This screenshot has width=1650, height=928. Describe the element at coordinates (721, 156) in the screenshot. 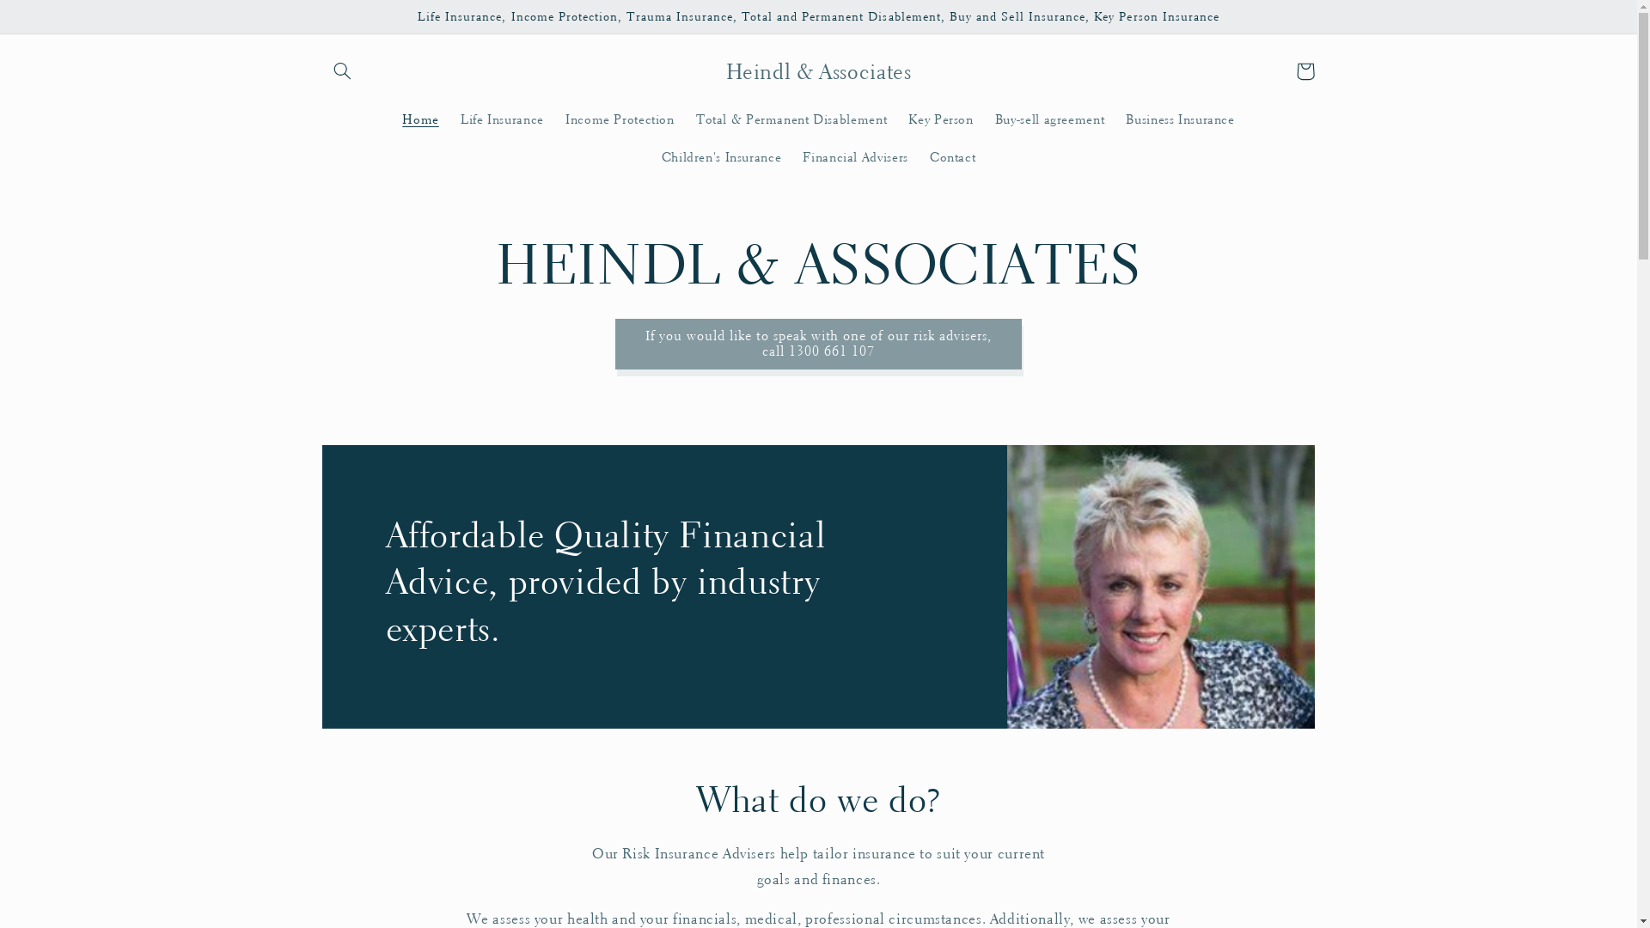

I see `'Children's Insurance'` at that location.